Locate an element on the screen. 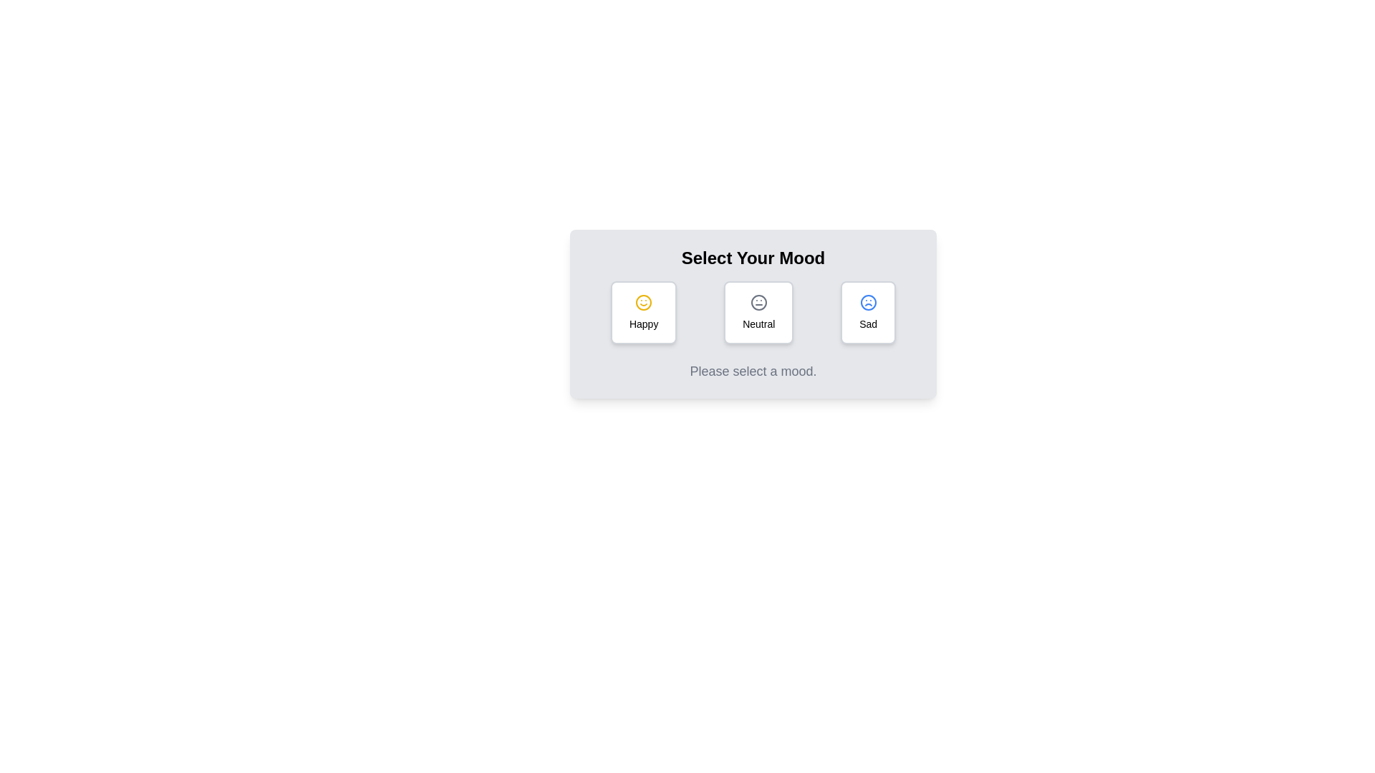 This screenshot has height=773, width=1375. the Group of buttons for mood selection is located at coordinates (752, 311).